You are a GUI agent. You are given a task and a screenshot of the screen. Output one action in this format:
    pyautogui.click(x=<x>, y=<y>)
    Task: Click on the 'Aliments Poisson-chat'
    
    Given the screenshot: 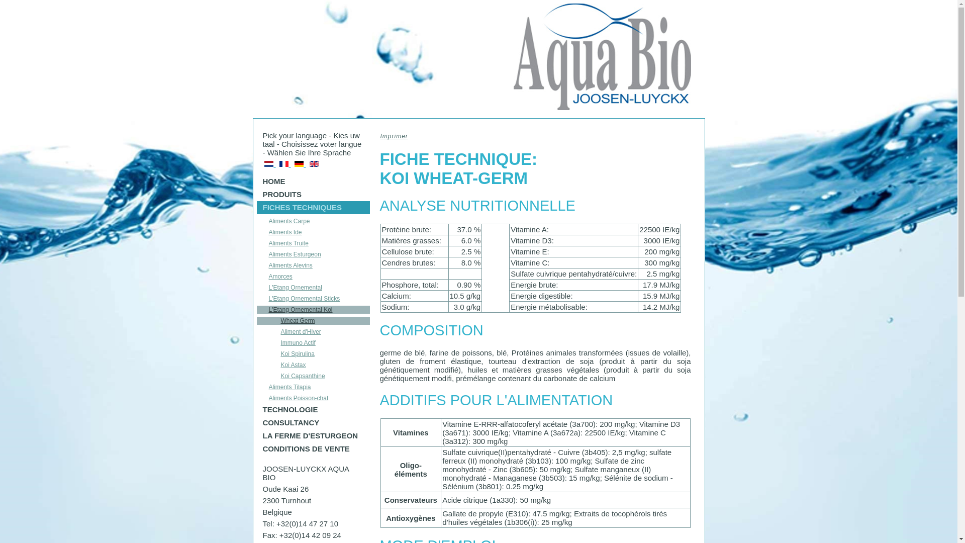 What is the action you would take?
    pyautogui.click(x=256, y=397)
    